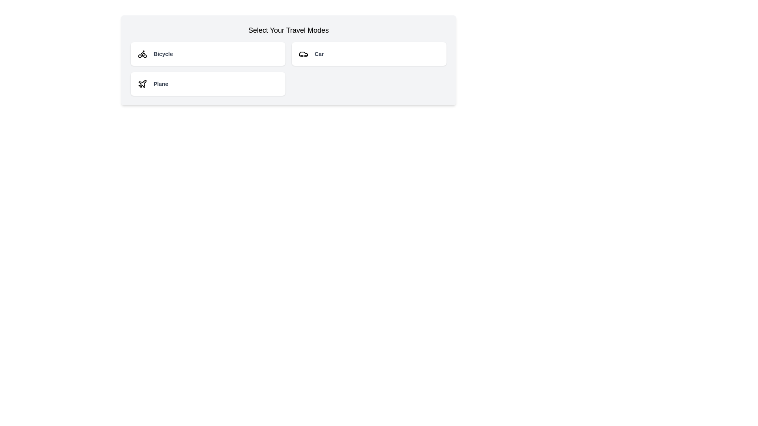 The image size is (758, 426). Describe the element at coordinates (369, 54) in the screenshot. I see `the 'Car' travel mode button` at that location.